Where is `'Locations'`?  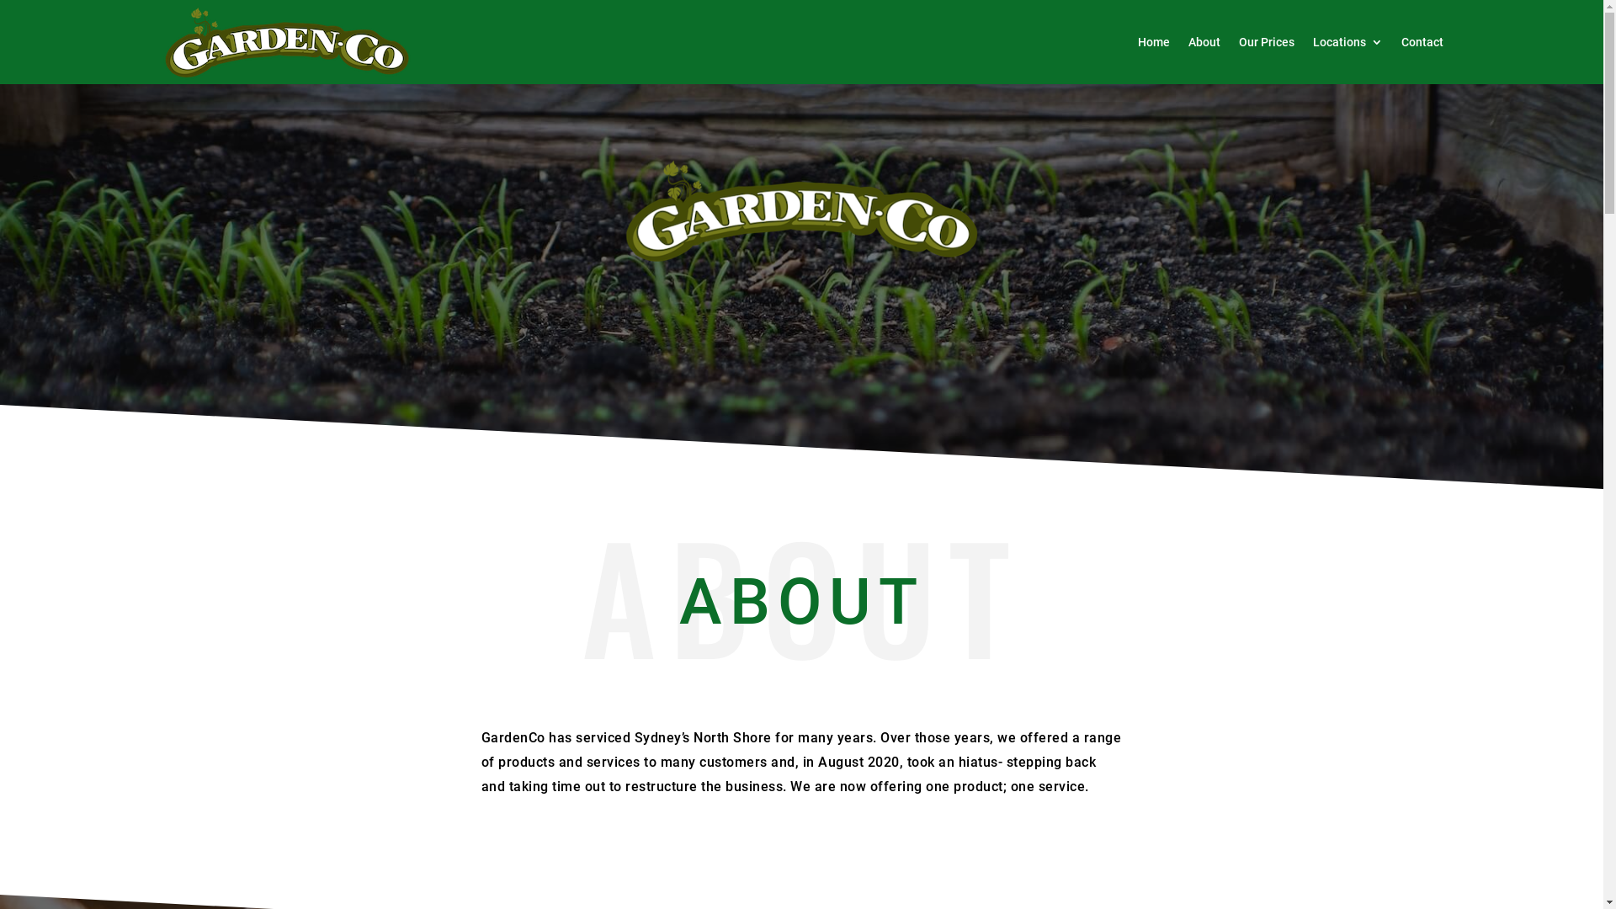 'Locations' is located at coordinates (1348, 41).